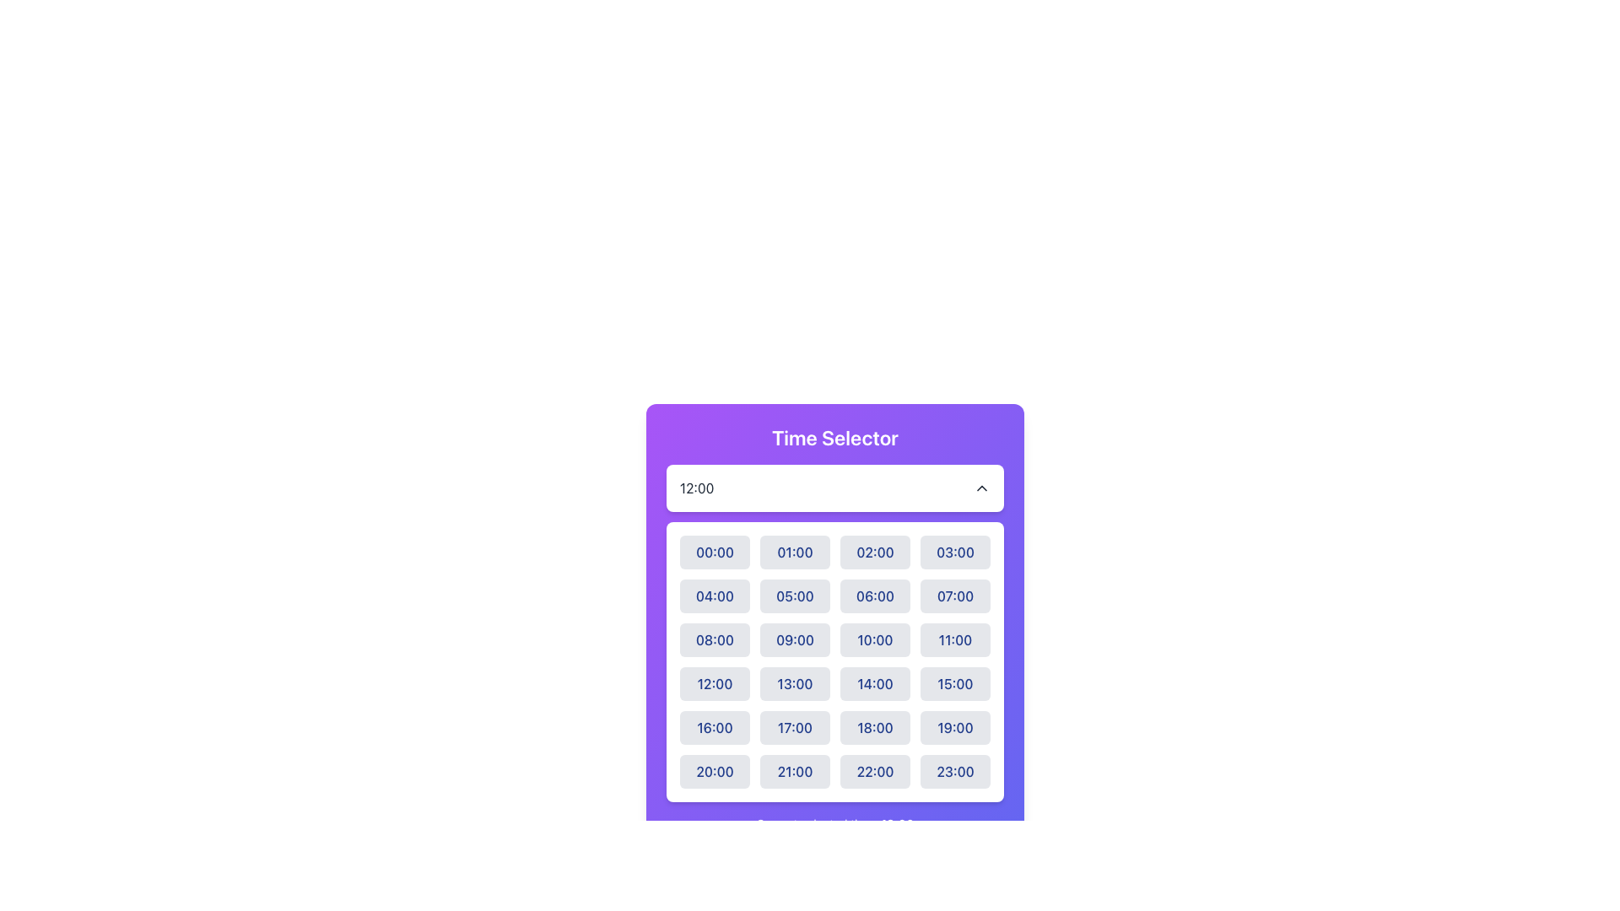 The image size is (1620, 911). Describe the element at coordinates (875, 771) in the screenshot. I see `the rectangular button labeled '22:00' with a light gray background and blue font` at that location.